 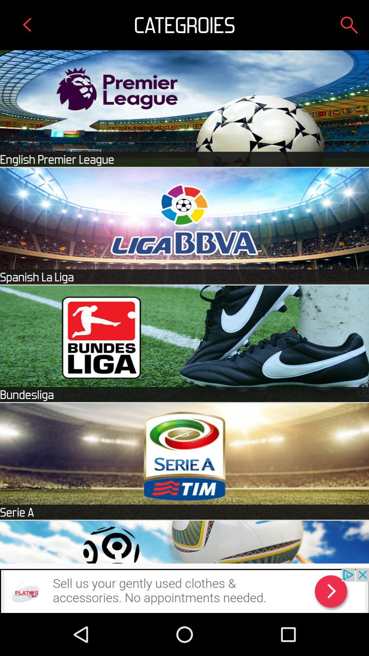 What do you see at coordinates (27, 25) in the screenshot?
I see `go back` at bounding box center [27, 25].